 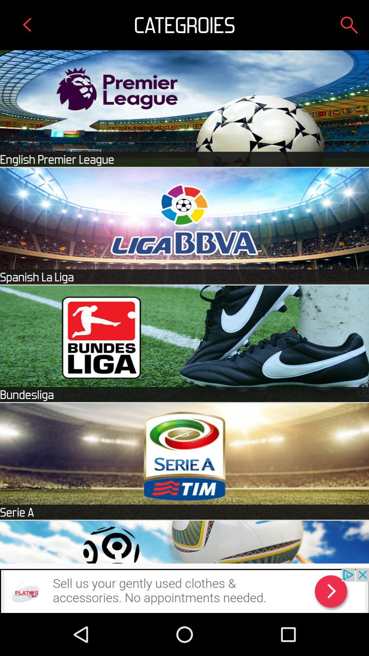 What do you see at coordinates (27, 25) in the screenshot?
I see `go back` at bounding box center [27, 25].